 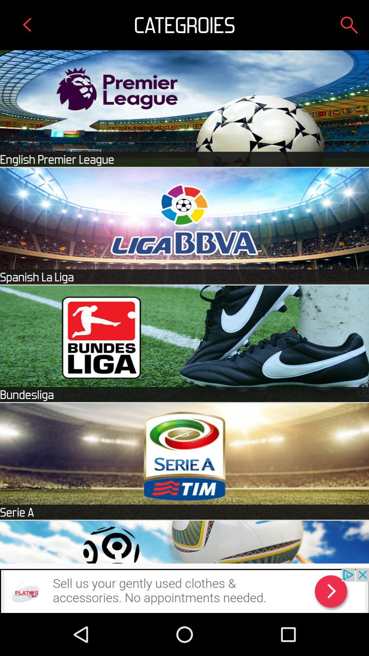 What do you see at coordinates (27, 25) in the screenshot?
I see `go back` at bounding box center [27, 25].